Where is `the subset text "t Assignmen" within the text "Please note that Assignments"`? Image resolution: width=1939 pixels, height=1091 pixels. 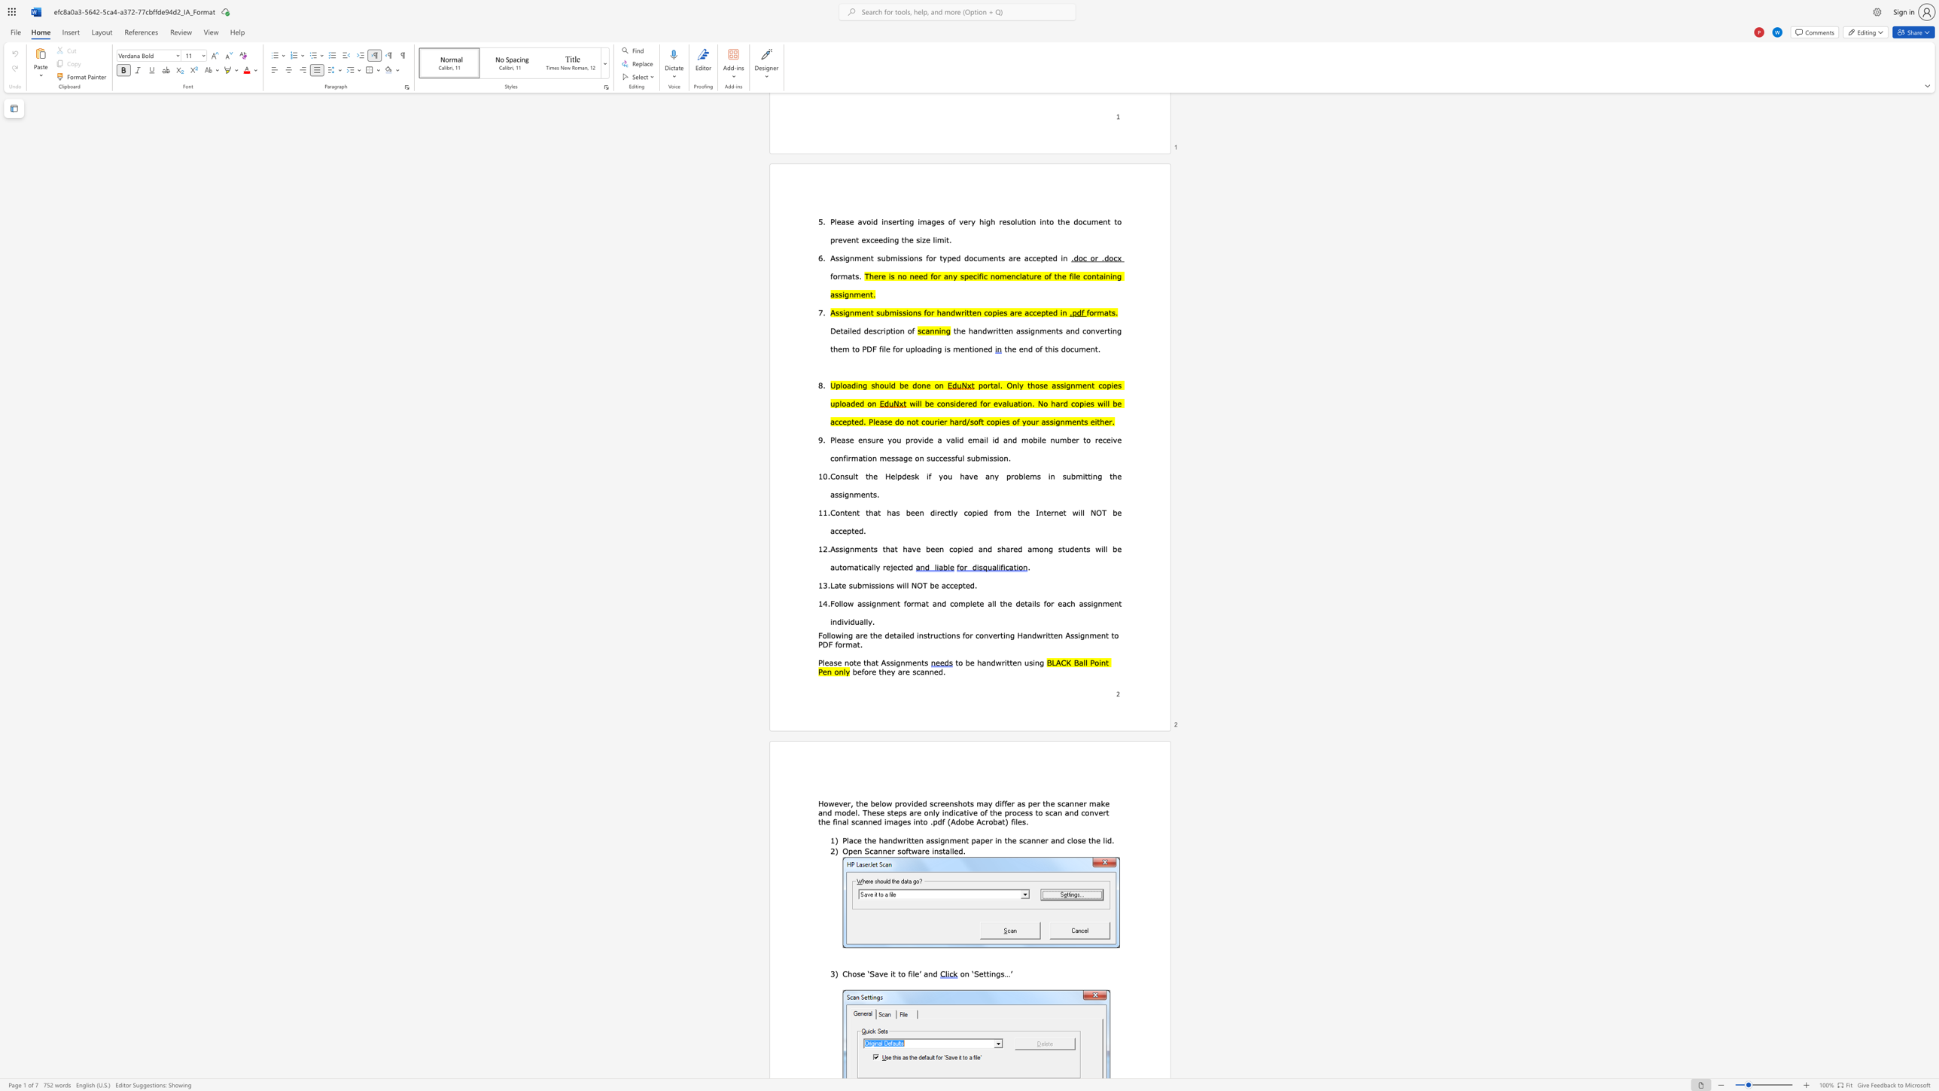 the subset text "t Assignmen" within the text "Please note that Assignments" is located at coordinates (875, 661).